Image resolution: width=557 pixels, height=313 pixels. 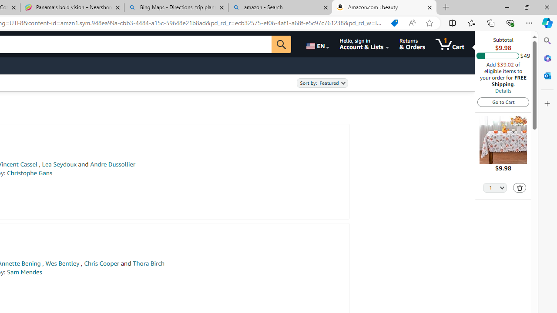 I want to click on 'Go', so click(x=282, y=44).